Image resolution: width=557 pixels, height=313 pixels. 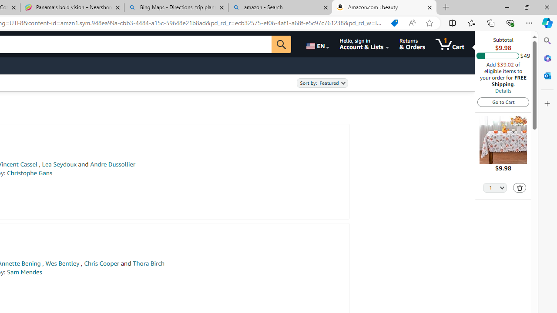 I want to click on 'Go', so click(x=282, y=44).